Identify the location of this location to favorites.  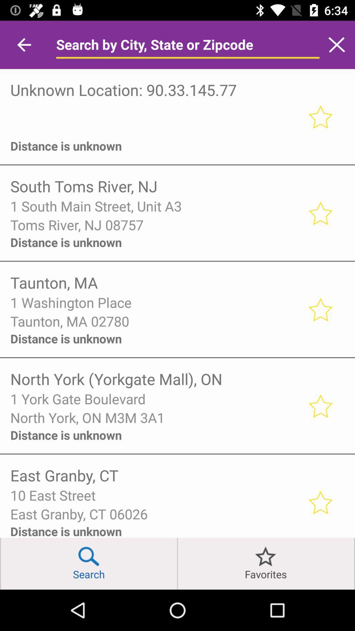
(320, 309).